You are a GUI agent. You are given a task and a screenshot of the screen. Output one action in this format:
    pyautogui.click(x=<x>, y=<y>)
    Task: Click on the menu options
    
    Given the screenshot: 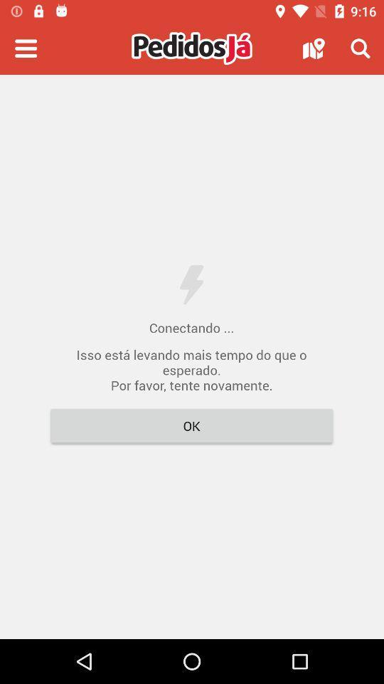 What is the action you would take?
    pyautogui.click(x=26, y=48)
    